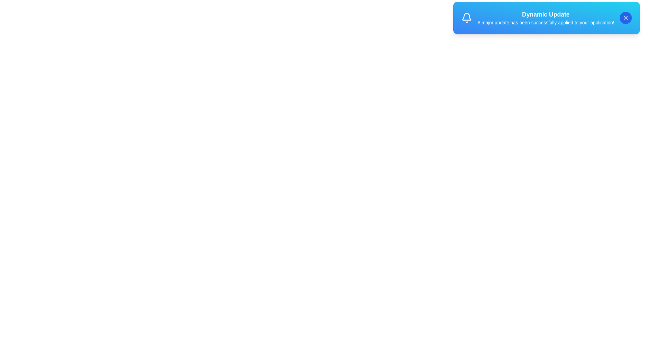 This screenshot has width=648, height=364. What do you see at coordinates (625, 20) in the screenshot?
I see `the close button of the notification snackbar to dismiss it` at bounding box center [625, 20].